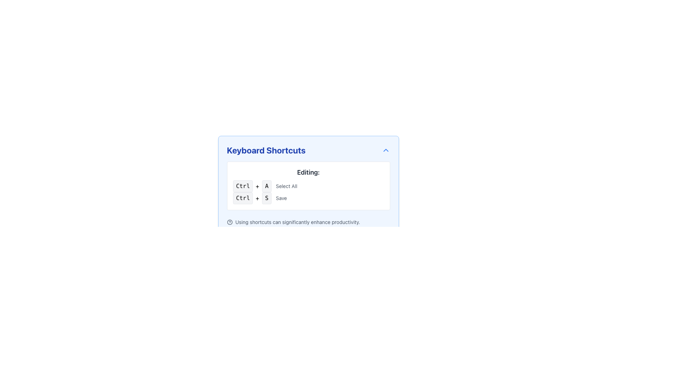  What do you see at coordinates (257, 198) in the screenshot?
I see `the Text Label that visually separates the keyboard shortcuts in the 'Editing' section, specifically between 'Ctrl' and 'S' in the 'Ctrl+S' entry` at bounding box center [257, 198].